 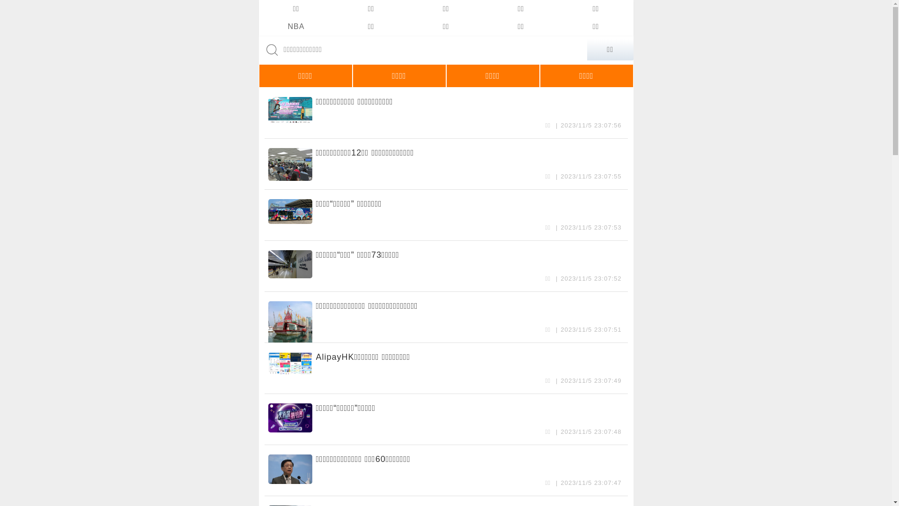 What do you see at coordinates (258, 26) in the screenshot?
I see `'NBA'` at bounding box center [258, 26].